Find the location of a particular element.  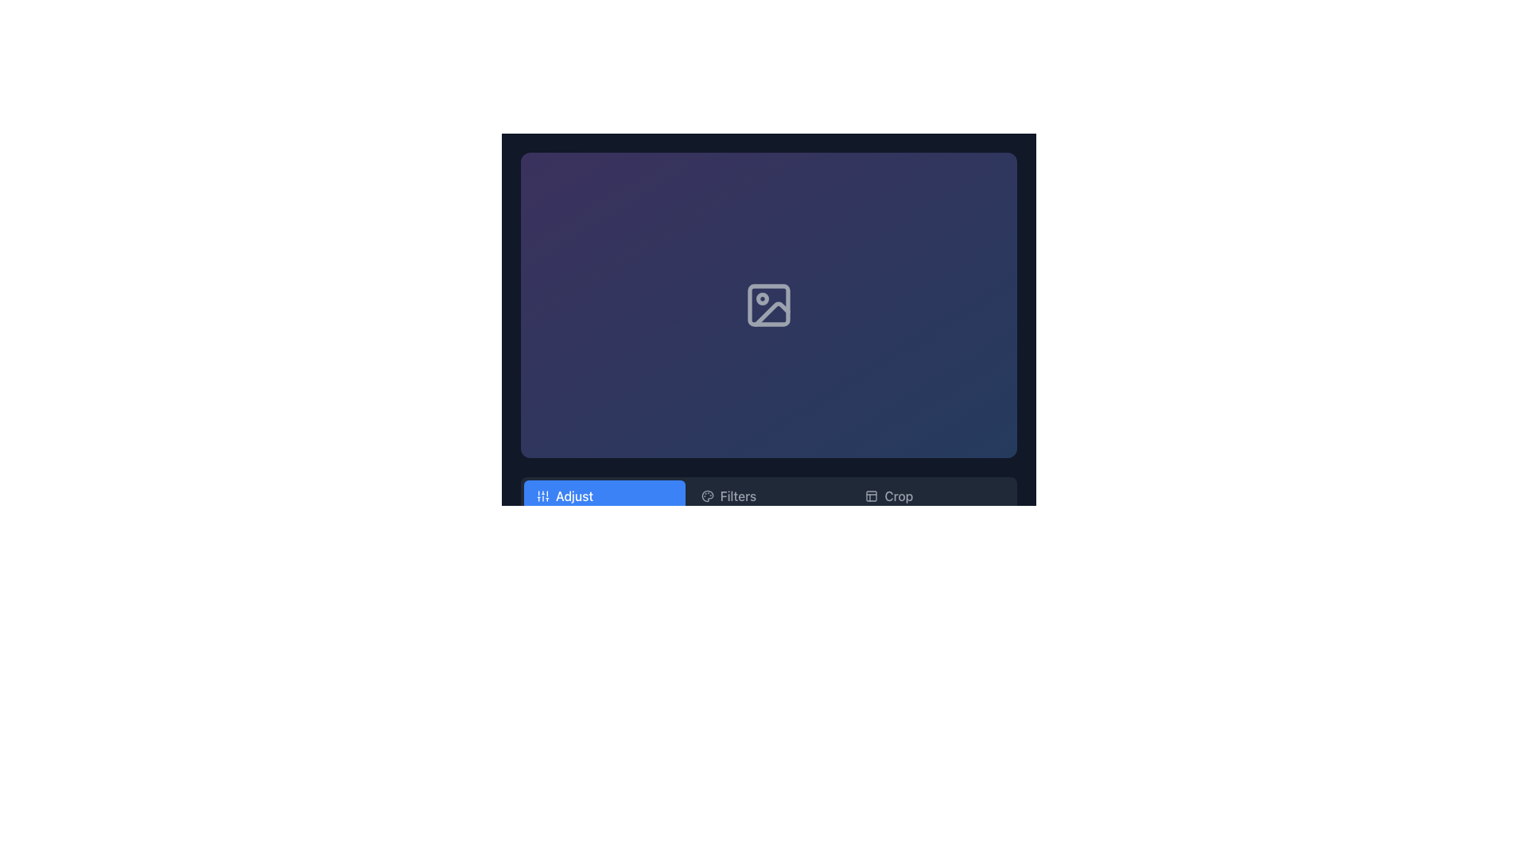

the text label that represents a filter option is located at coordinates (737, 496).